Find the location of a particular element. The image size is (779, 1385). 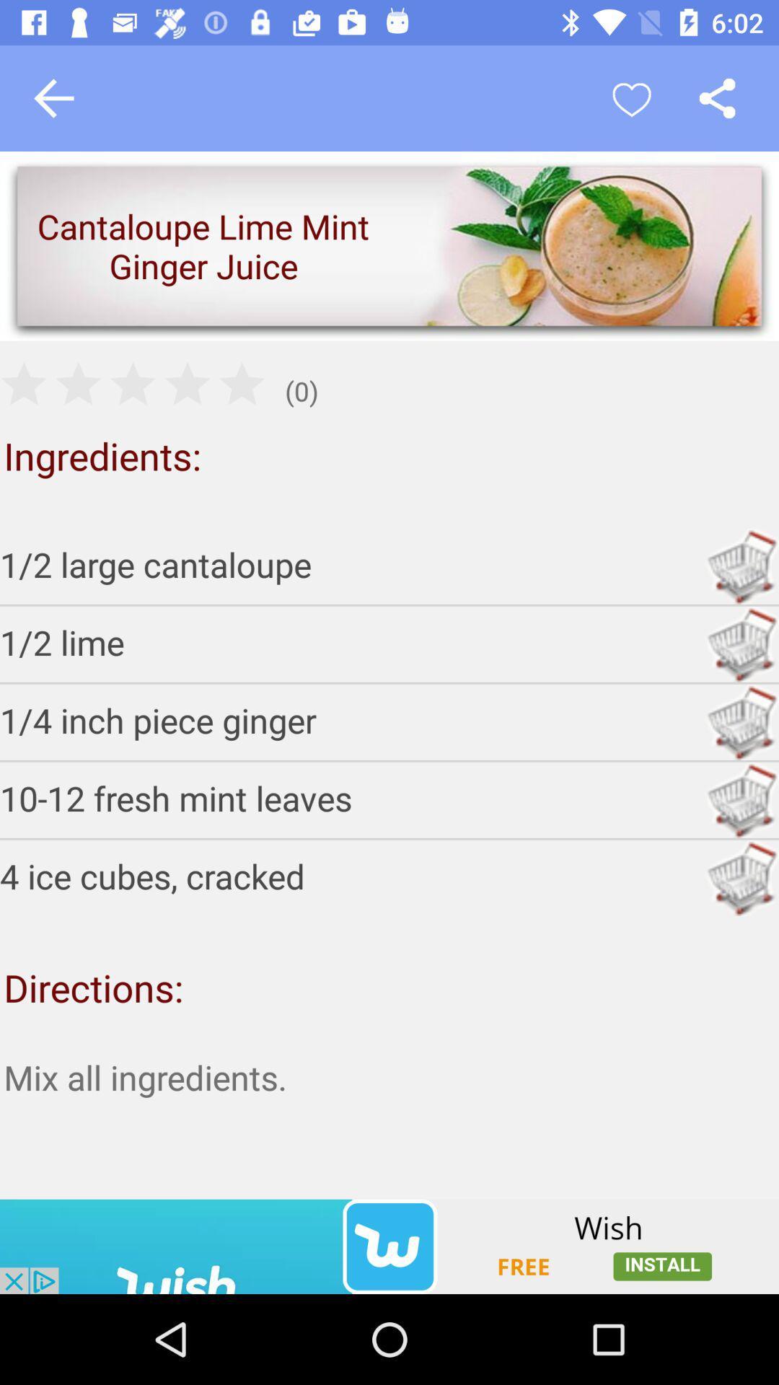

recipe is located at coordinates (630, 97).